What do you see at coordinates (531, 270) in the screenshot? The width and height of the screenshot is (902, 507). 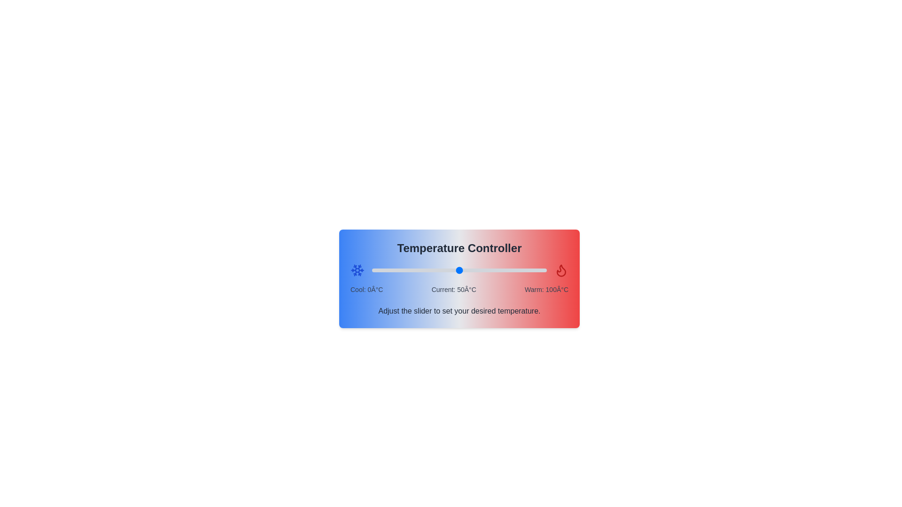 I see `the temperature slider to 91°C` at bounding box center [531, 270].